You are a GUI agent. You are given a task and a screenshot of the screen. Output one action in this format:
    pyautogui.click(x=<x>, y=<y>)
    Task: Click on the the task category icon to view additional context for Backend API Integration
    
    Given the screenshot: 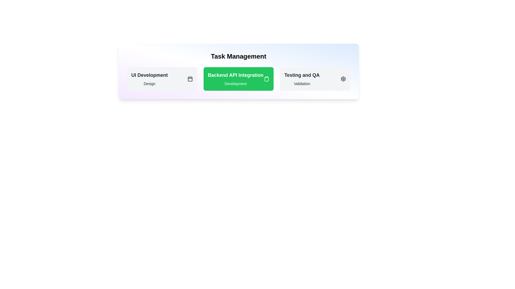 What is the action you would take?
    pyautogui.click(x=267, y=79)
    